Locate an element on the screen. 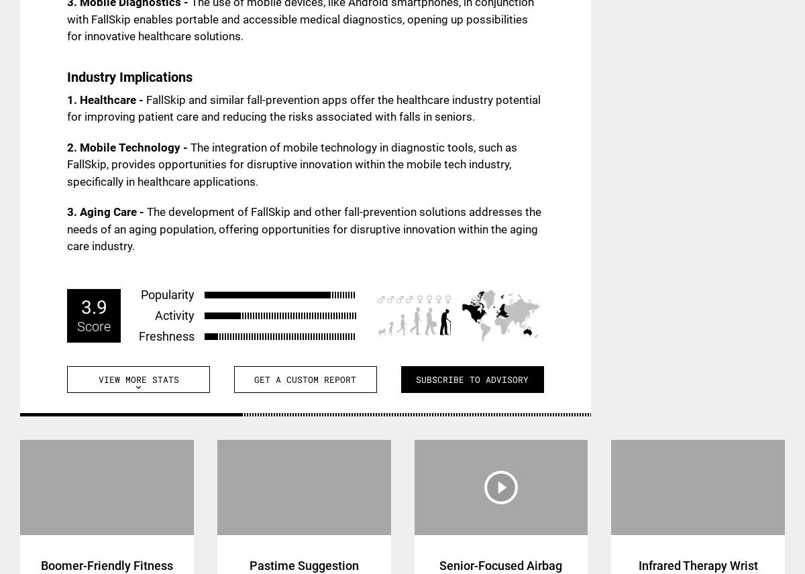  'expand_more' is located at coordinates (138, 386).